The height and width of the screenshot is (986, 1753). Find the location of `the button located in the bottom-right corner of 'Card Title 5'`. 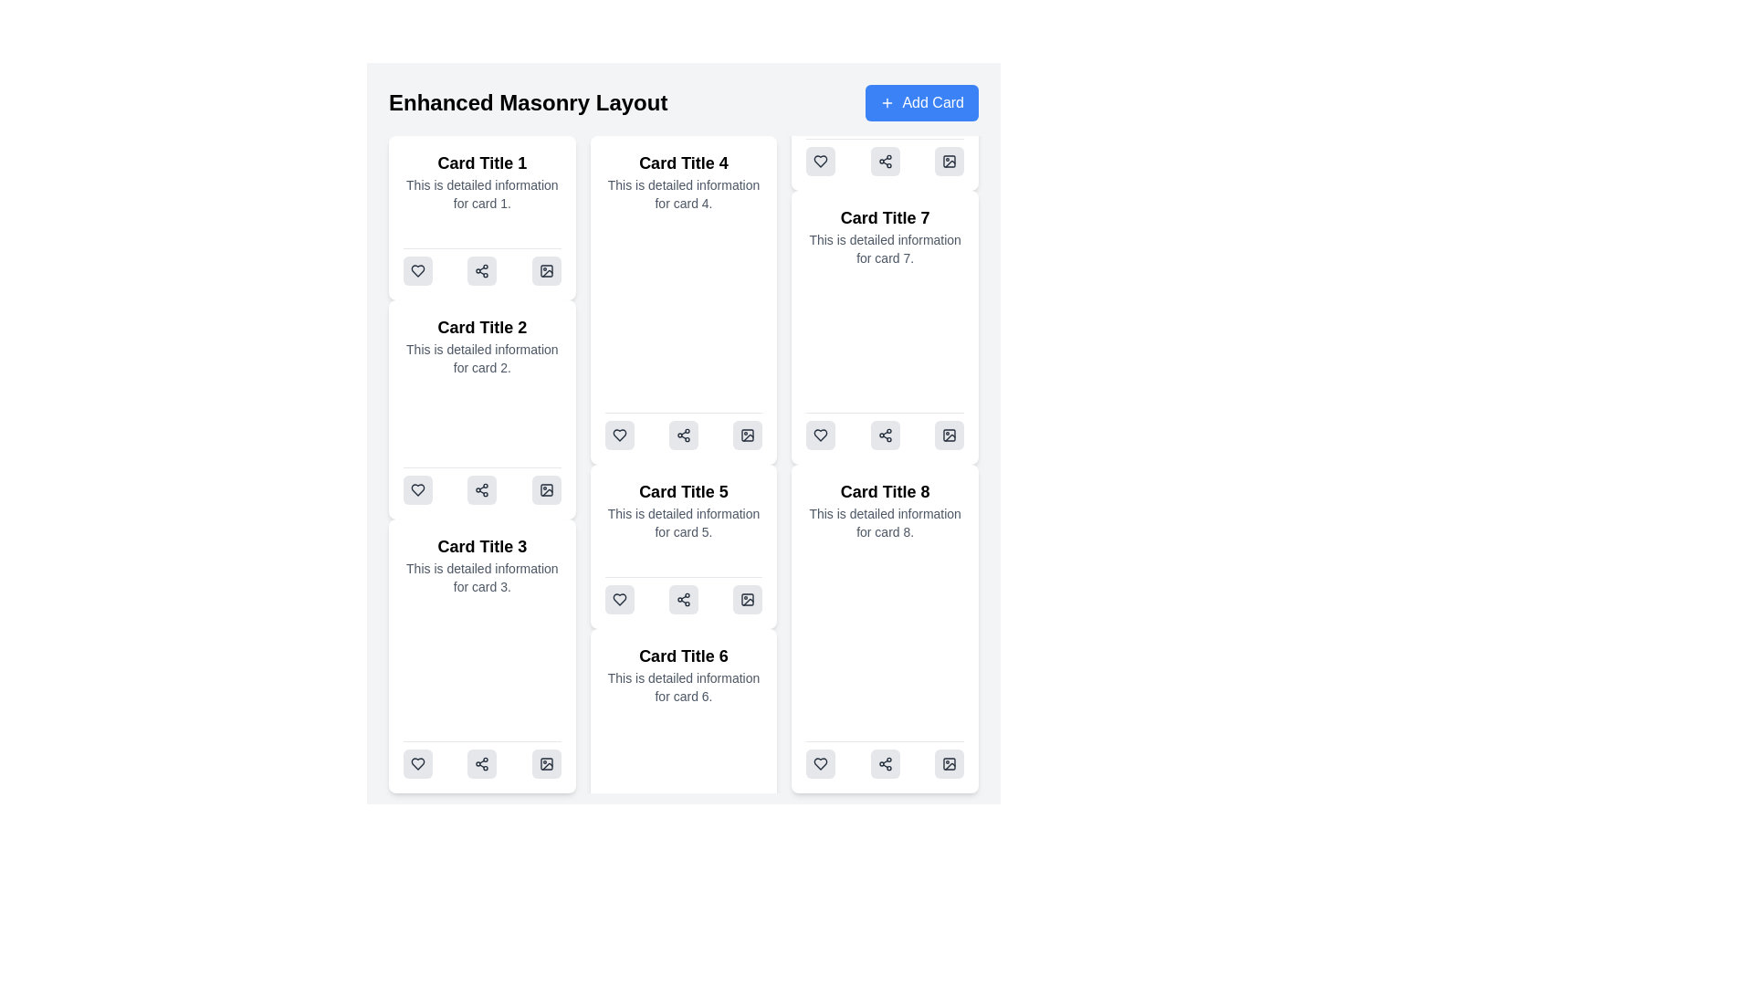

the button located in the bottom-right corner of 'Card Title 5' is located at coordinates (748, 435).